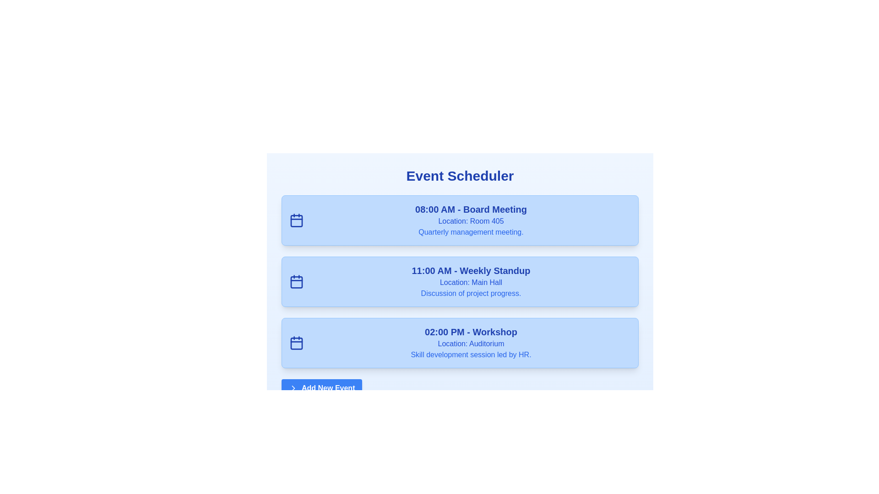 The width and height of the screenshot is (879, 494). What do you see at coordinates (471, 293) in the screenshot?
I see `the text element that provides additional details related to the '11:00 AM - Weekly Standup' event, located below the event title and location details` at bounding box center [471, 293].